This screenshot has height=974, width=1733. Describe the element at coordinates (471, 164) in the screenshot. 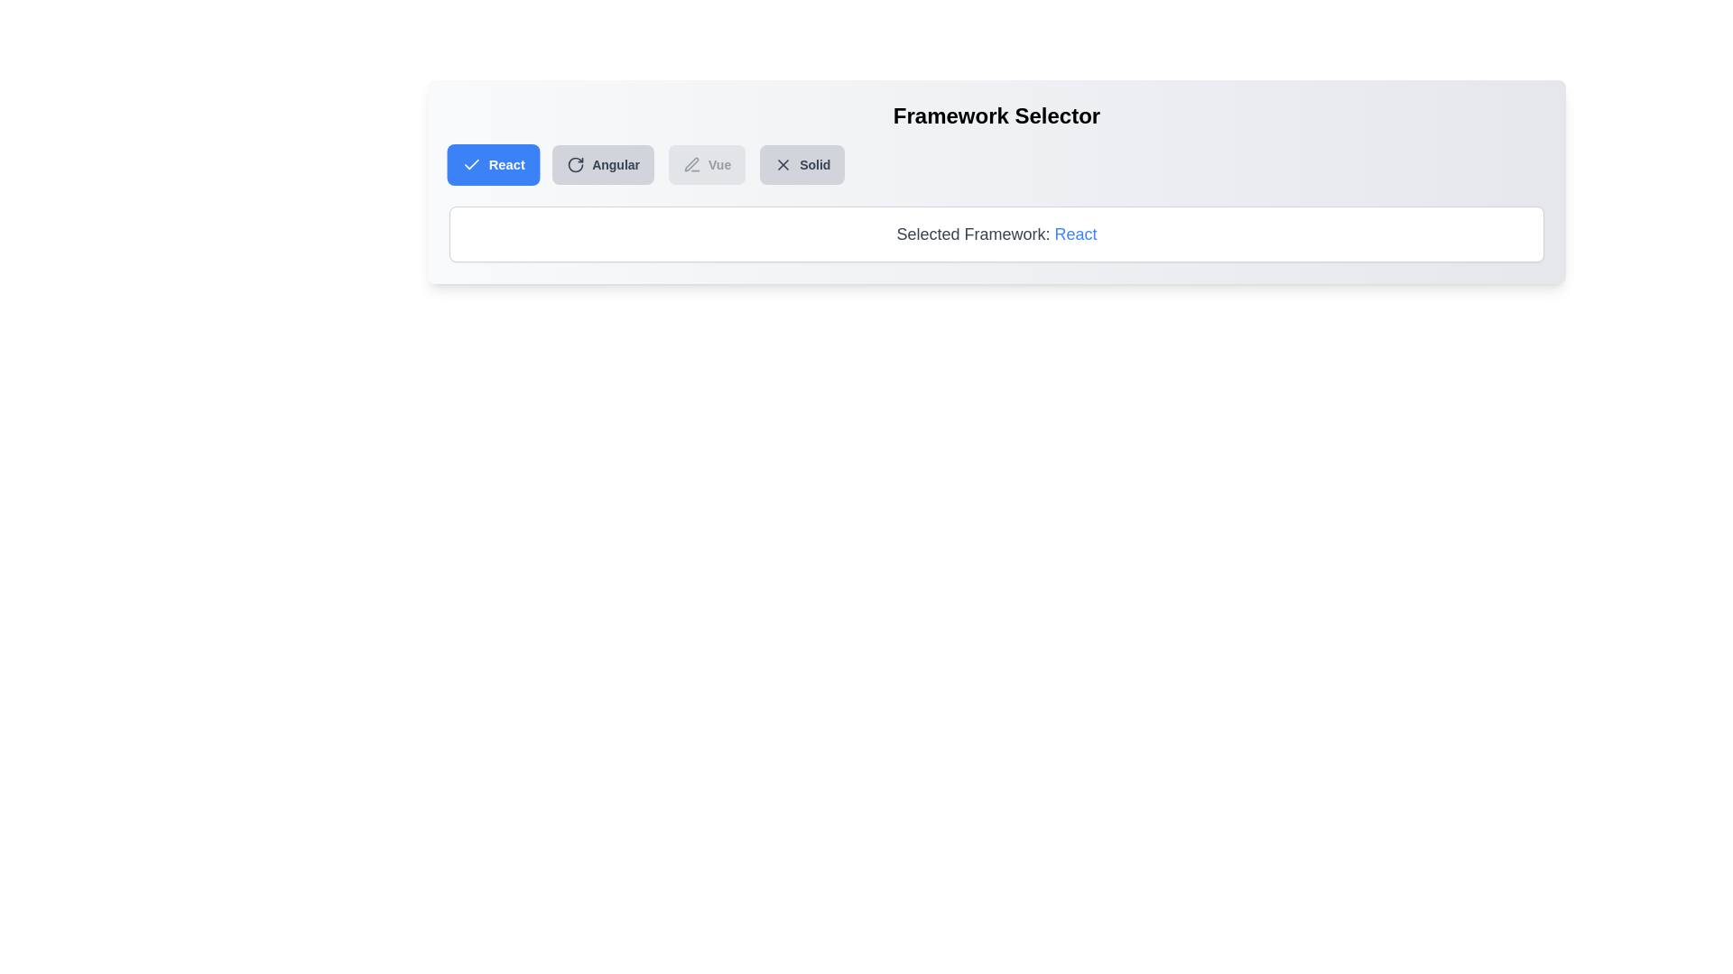

I see `the checkmark icon indicating the selection of the 'React' framework, located towards the left side of the 'React' button` at that location.